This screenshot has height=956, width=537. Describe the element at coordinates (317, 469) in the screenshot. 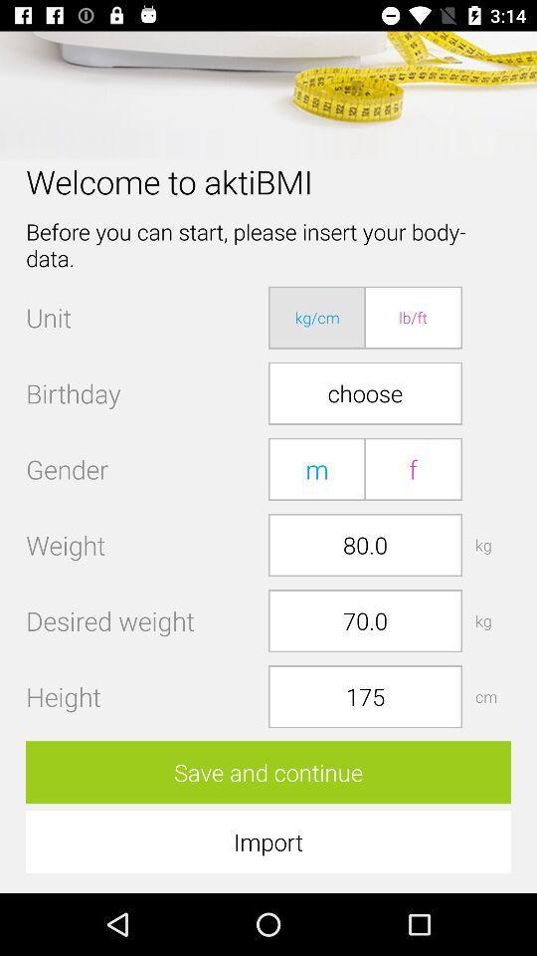

I see `item below the choose item` at that location.